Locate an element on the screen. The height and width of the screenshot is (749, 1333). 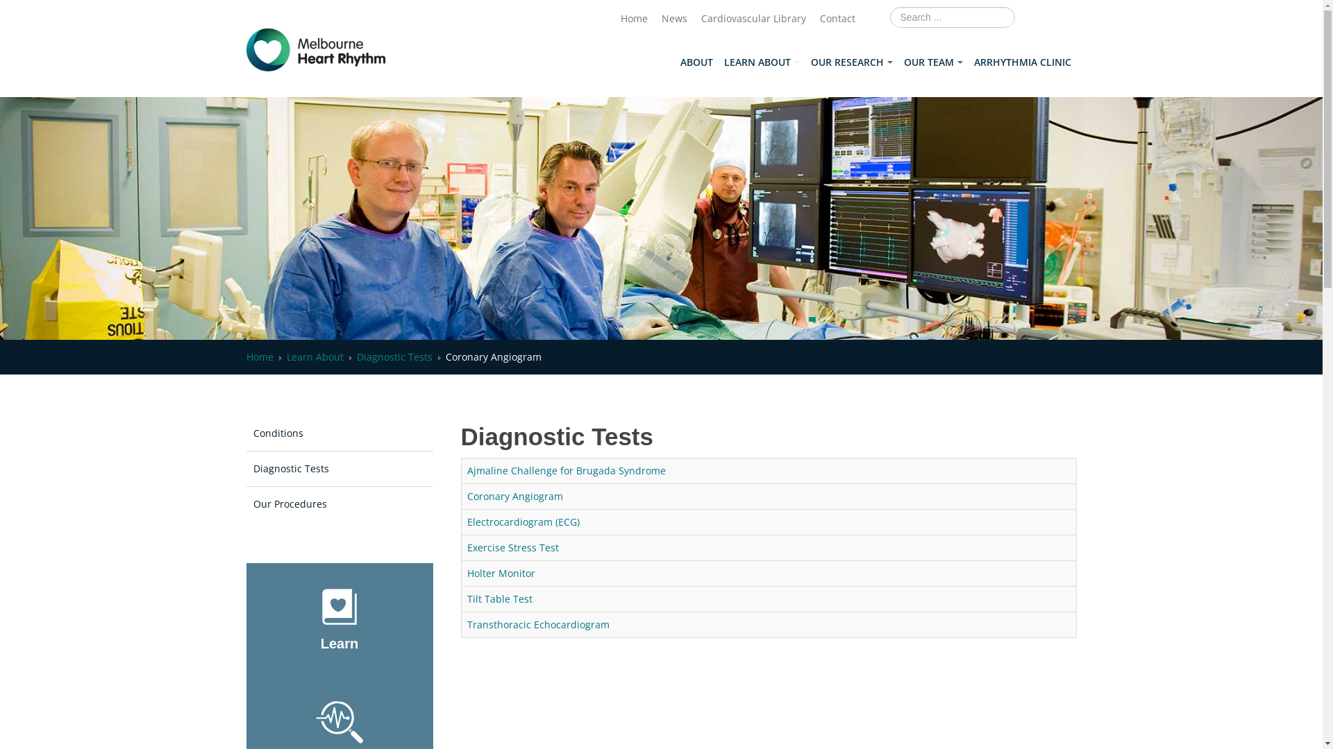
'Home' is located at coordinates (259, 356).